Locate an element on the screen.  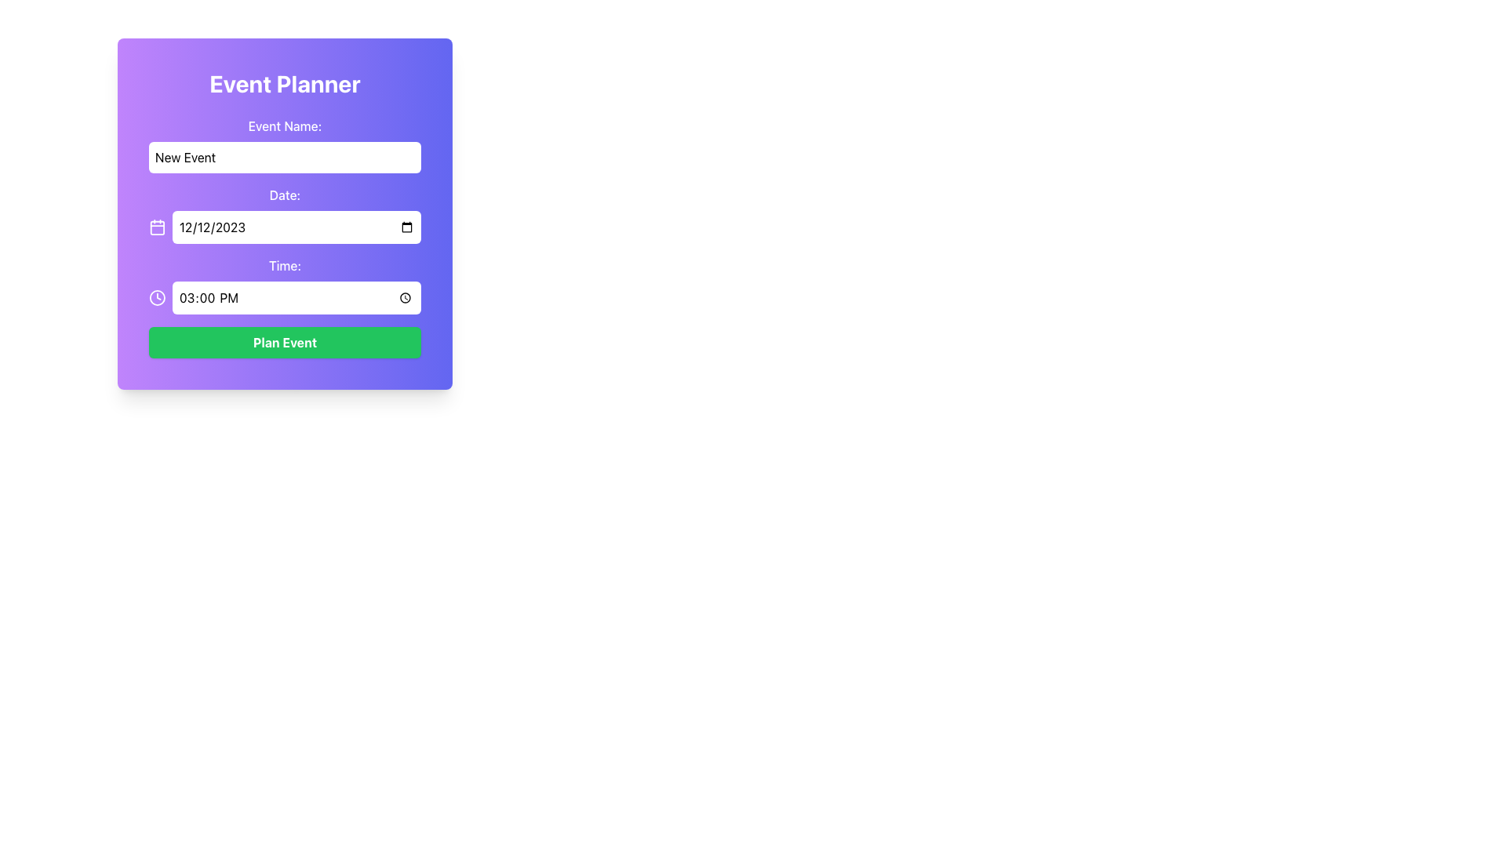
keyboard navigation is located at coordinates (285, 298).